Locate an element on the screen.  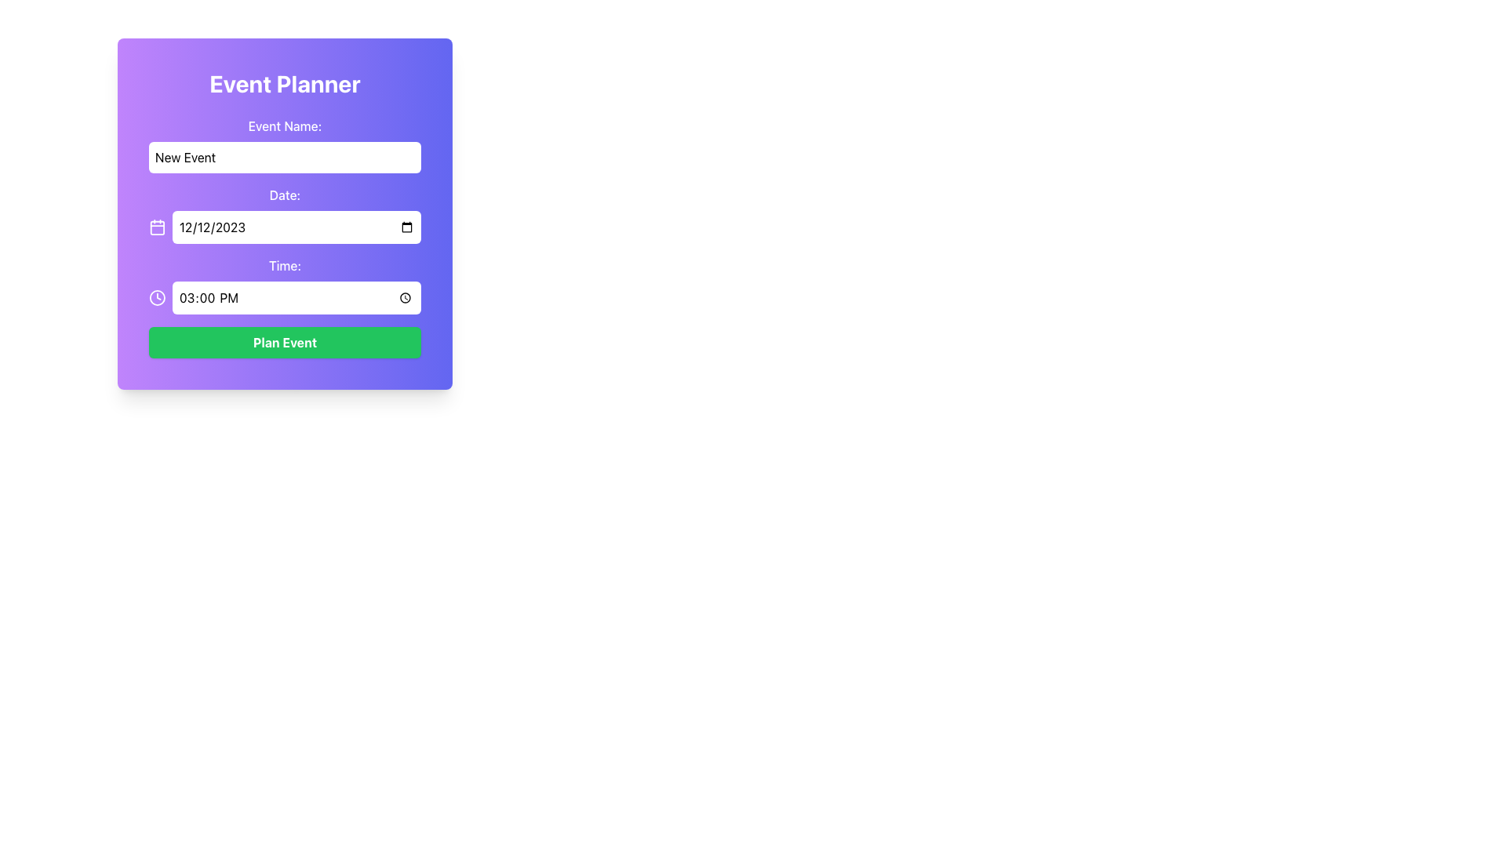
keyboard navigation is located at coordinates (285, 298).